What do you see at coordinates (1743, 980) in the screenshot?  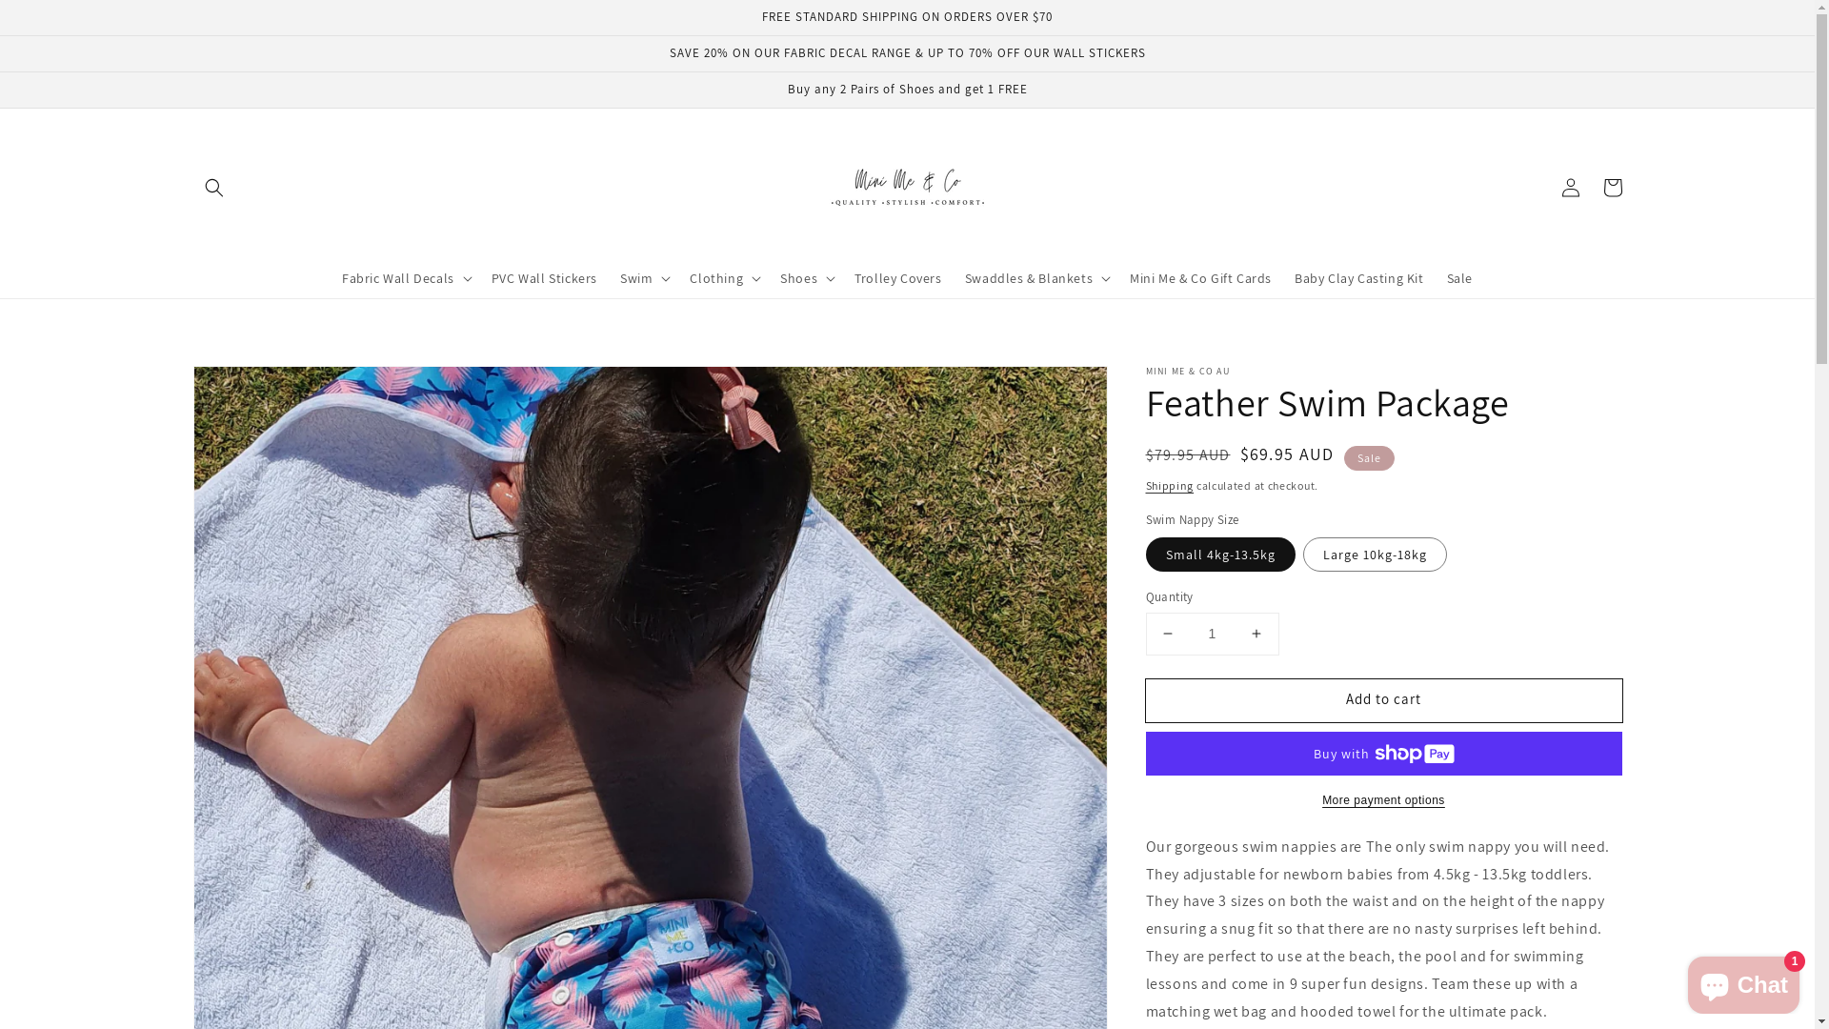 I see `'Shopify online store chat'` at bounding box center [1743, 980].